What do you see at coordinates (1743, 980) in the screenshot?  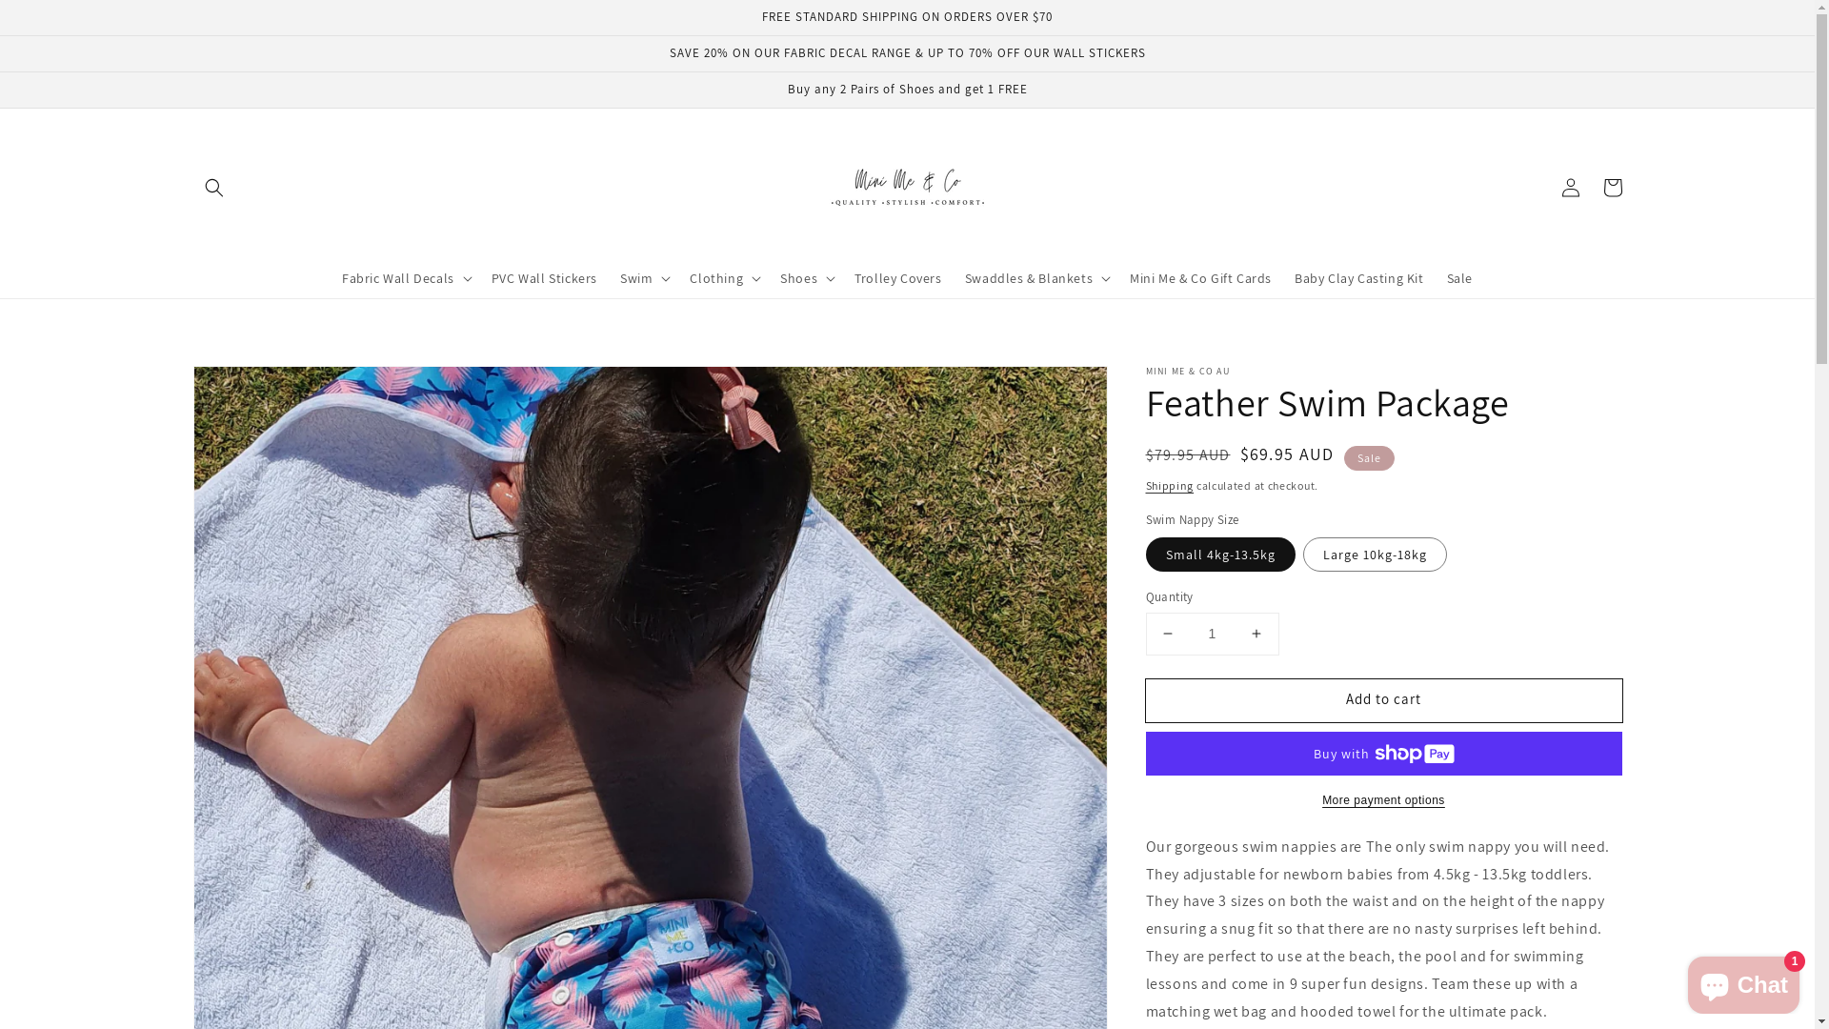 I see `'Shopify online store chat'` at bounding box center [1743, 980].